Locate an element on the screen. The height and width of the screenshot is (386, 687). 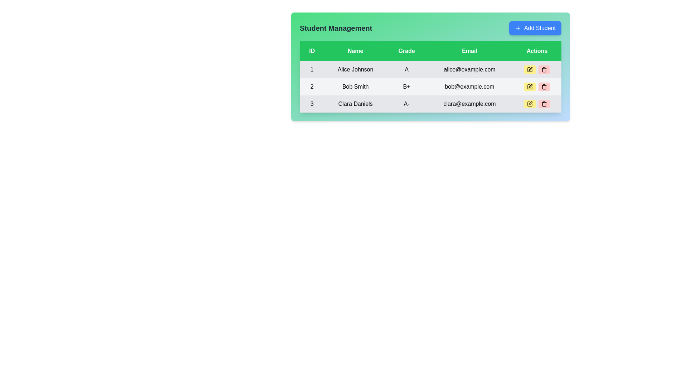
the main body of the trash bin icon located in the 'Actions' column of the third row associated with 'Clara Daniels' is located at coordinates (544, 70).